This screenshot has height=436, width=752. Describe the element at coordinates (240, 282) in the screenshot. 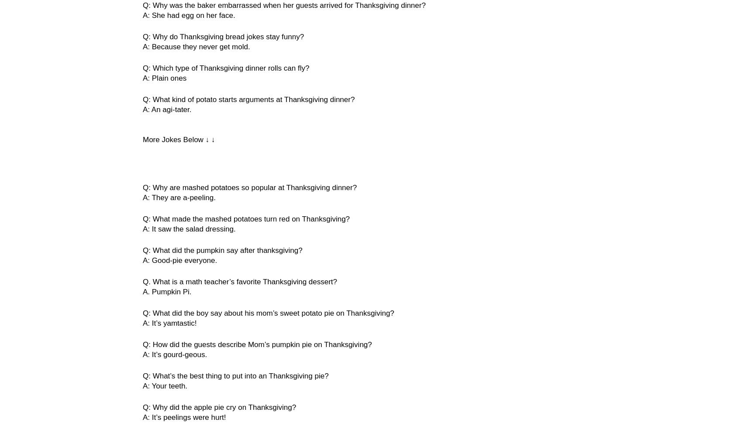

I see `'Q. What is a math teacher’s favorite Thanksgiving dessert?'` at that location.